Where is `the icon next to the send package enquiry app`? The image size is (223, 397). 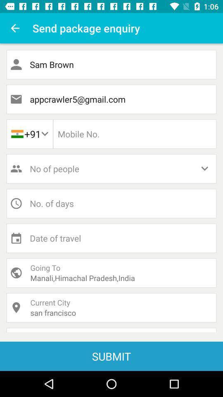
the icon next to the send package enquiry app is located at coordinates (15, 28).